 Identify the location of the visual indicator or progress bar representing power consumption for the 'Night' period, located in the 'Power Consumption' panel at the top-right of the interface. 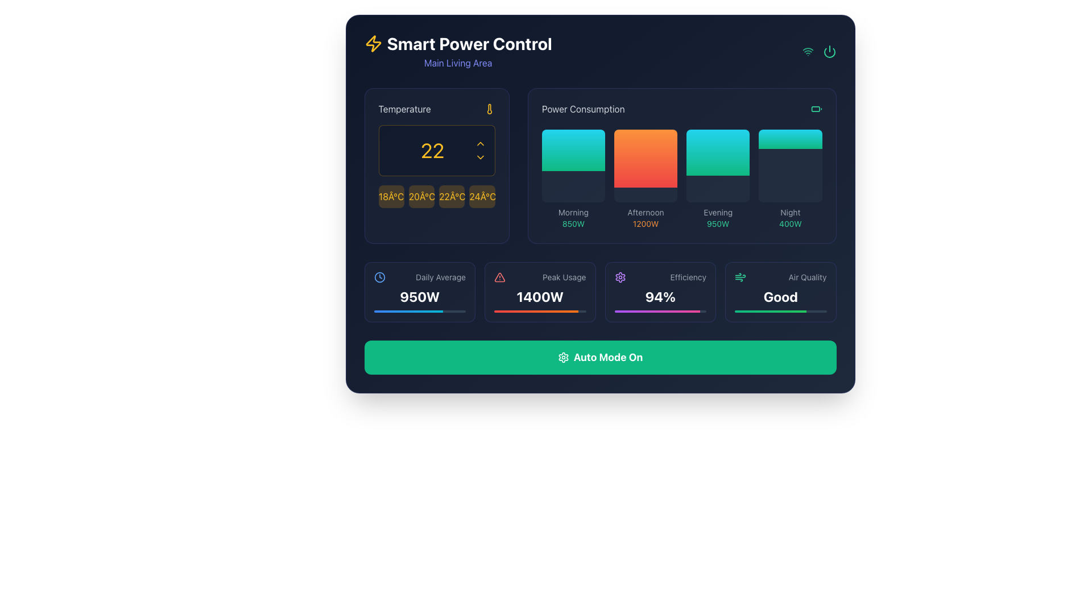
(789, 139).